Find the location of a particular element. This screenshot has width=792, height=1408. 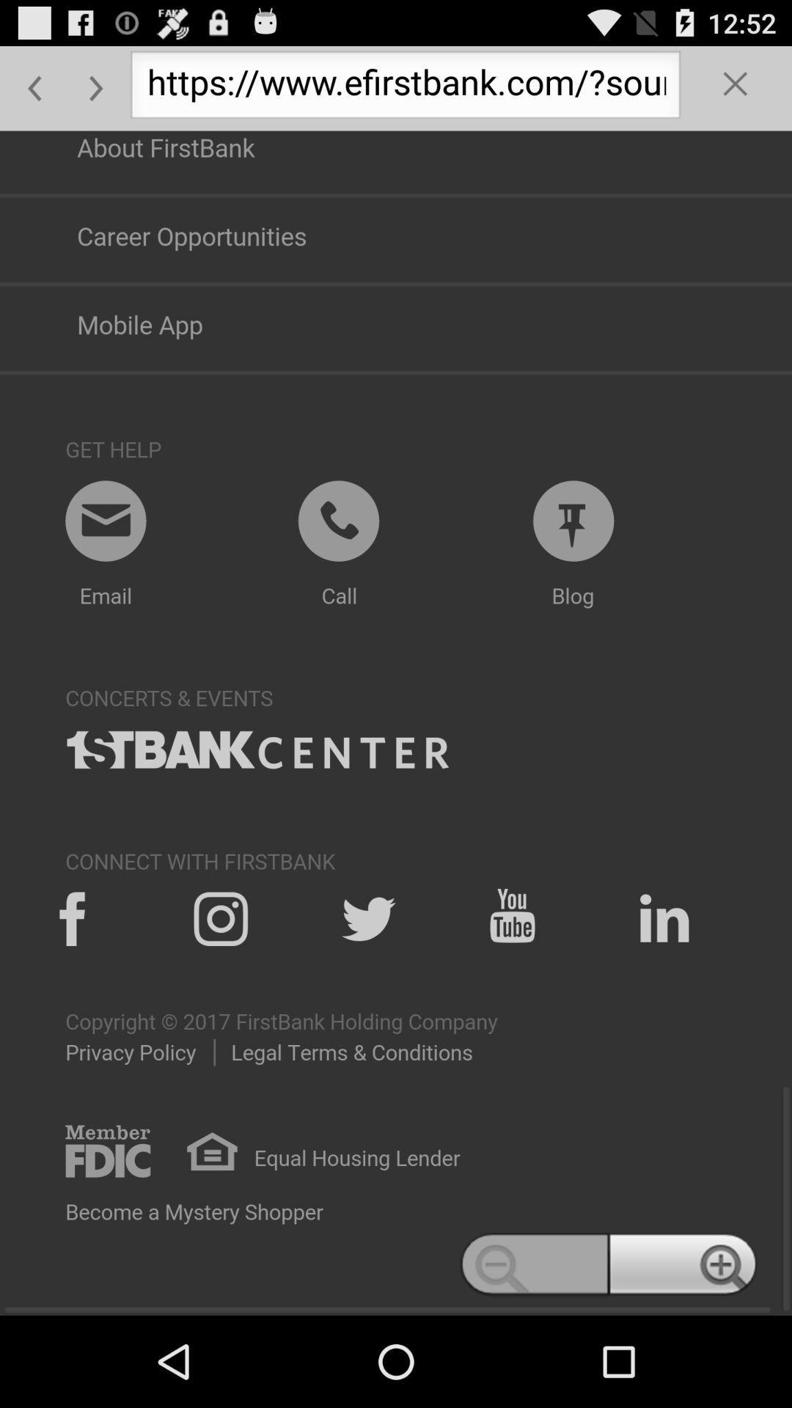

web page bottom is located at coordinates (396, 723).